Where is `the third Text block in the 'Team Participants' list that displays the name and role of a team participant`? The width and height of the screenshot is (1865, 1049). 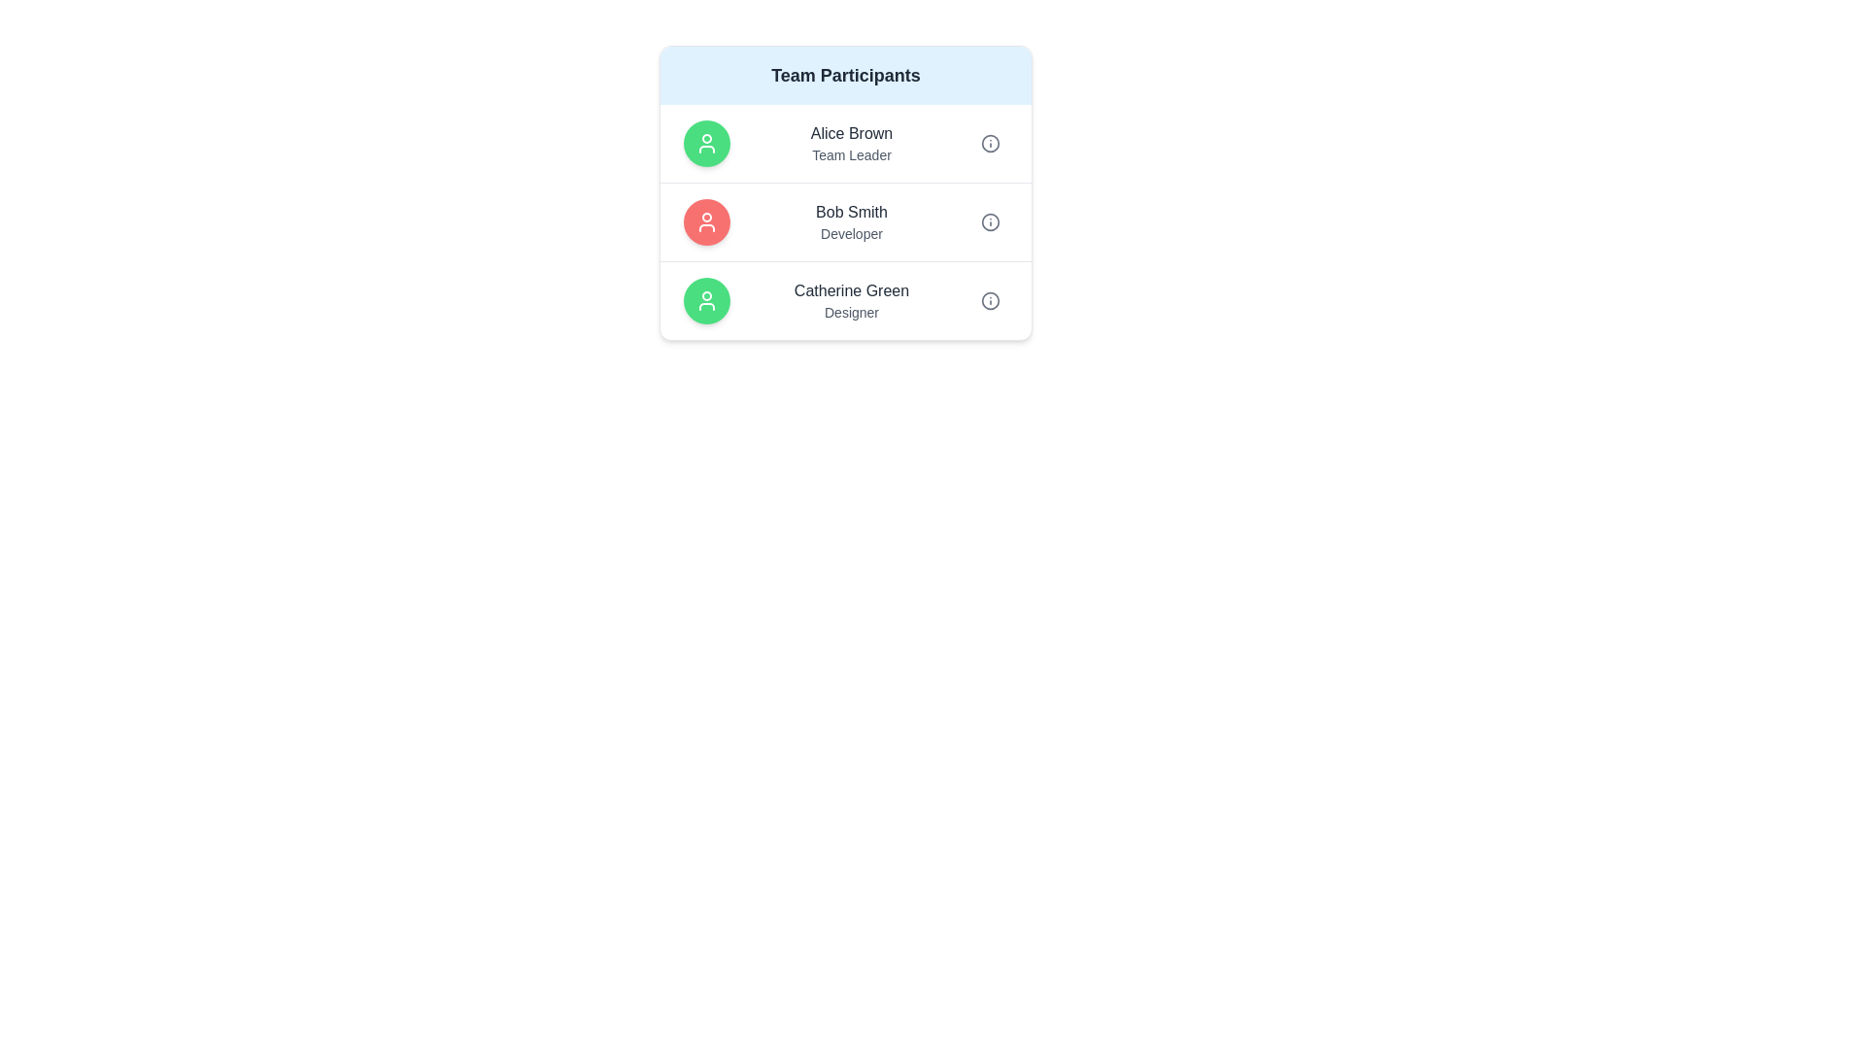
the third Text block in the 'Team Participants' list that displays the name and role of a team participant is located at coordinates (852, 300).